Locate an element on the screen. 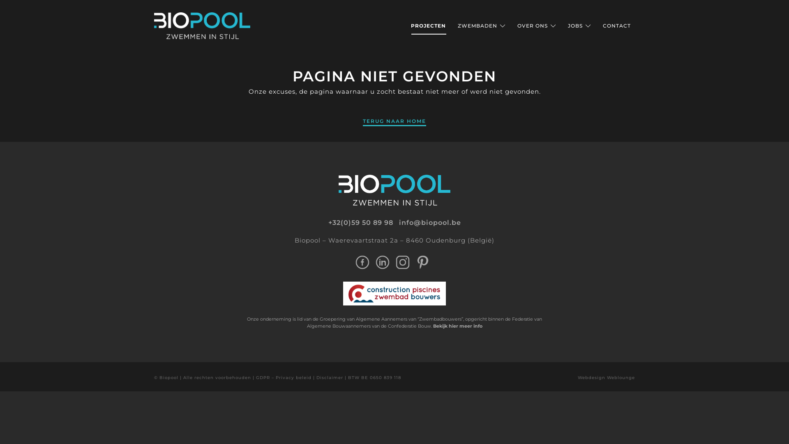 The width and height of the screenshot is (789, 444). 'ZWEMBADEN' is located at coordinates (481, 25).